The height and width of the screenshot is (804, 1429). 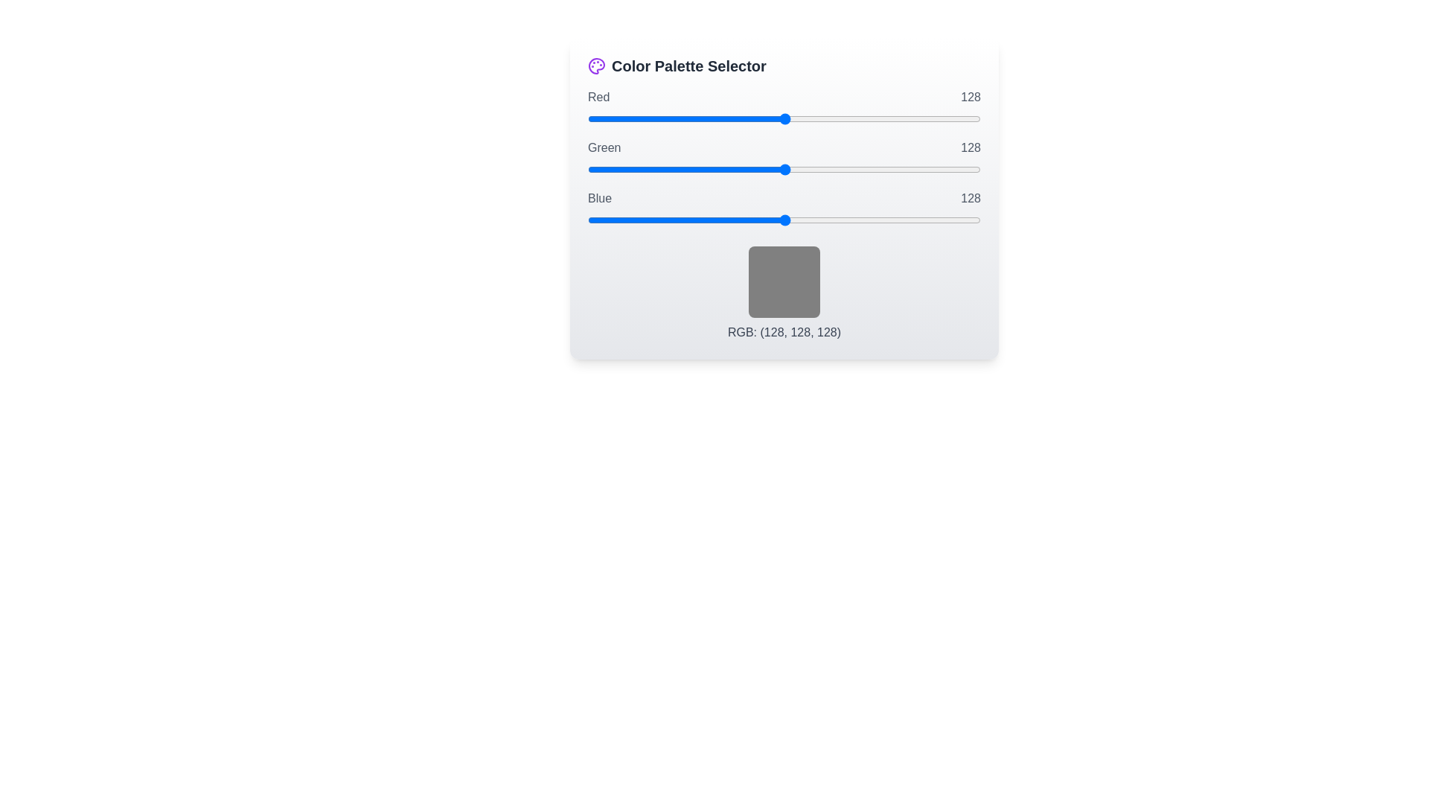 What do you see at coordinates (784, 168) in the screenshot?
I see `the 1 slider to 105 to observe the color preview box update` at bounding box center [784, 168].